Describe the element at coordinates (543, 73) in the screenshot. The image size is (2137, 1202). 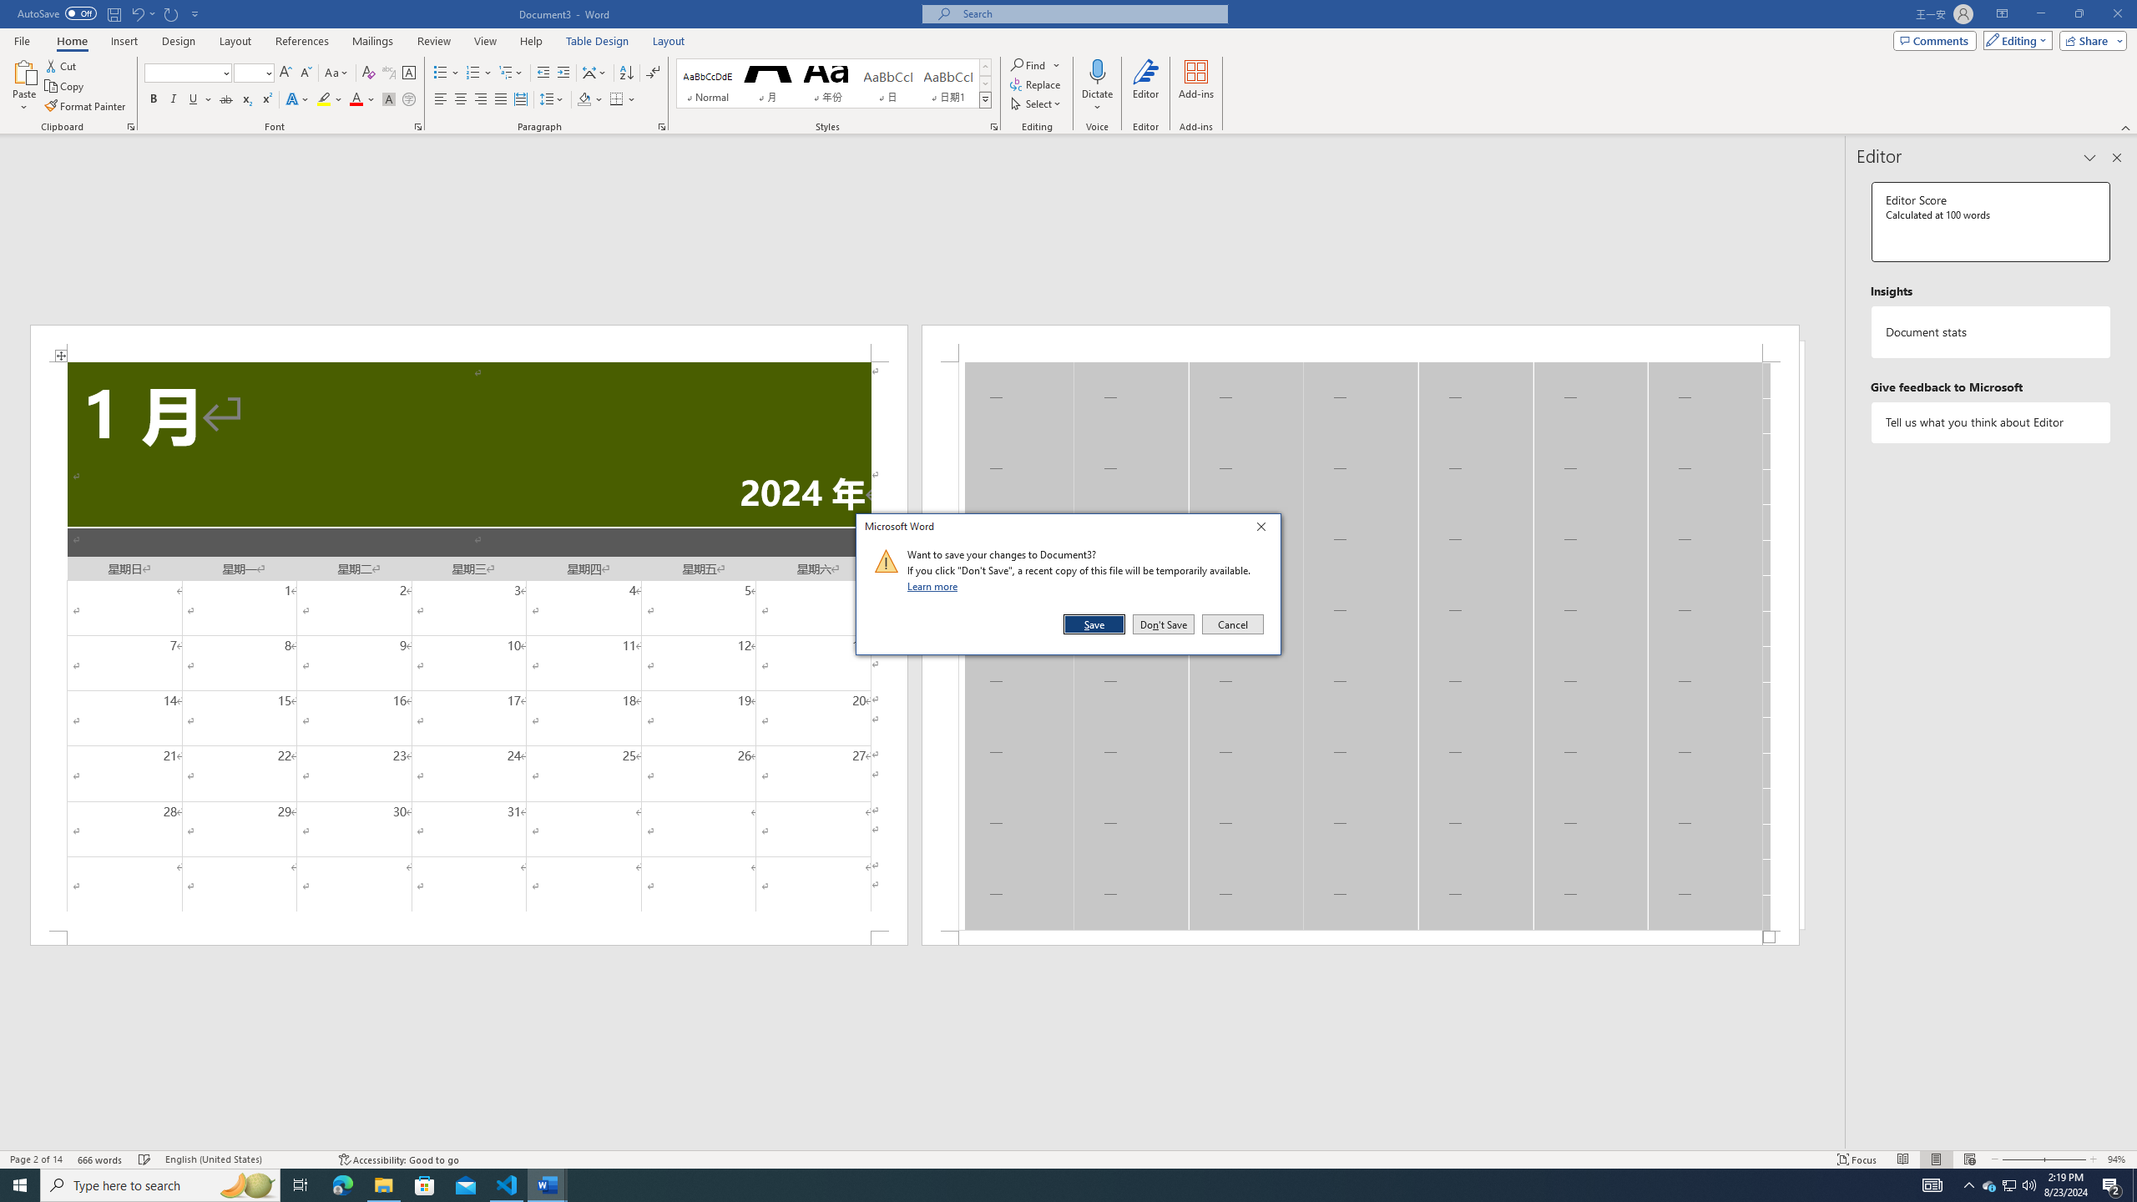
I see `'Decrease Indent'` at that location.